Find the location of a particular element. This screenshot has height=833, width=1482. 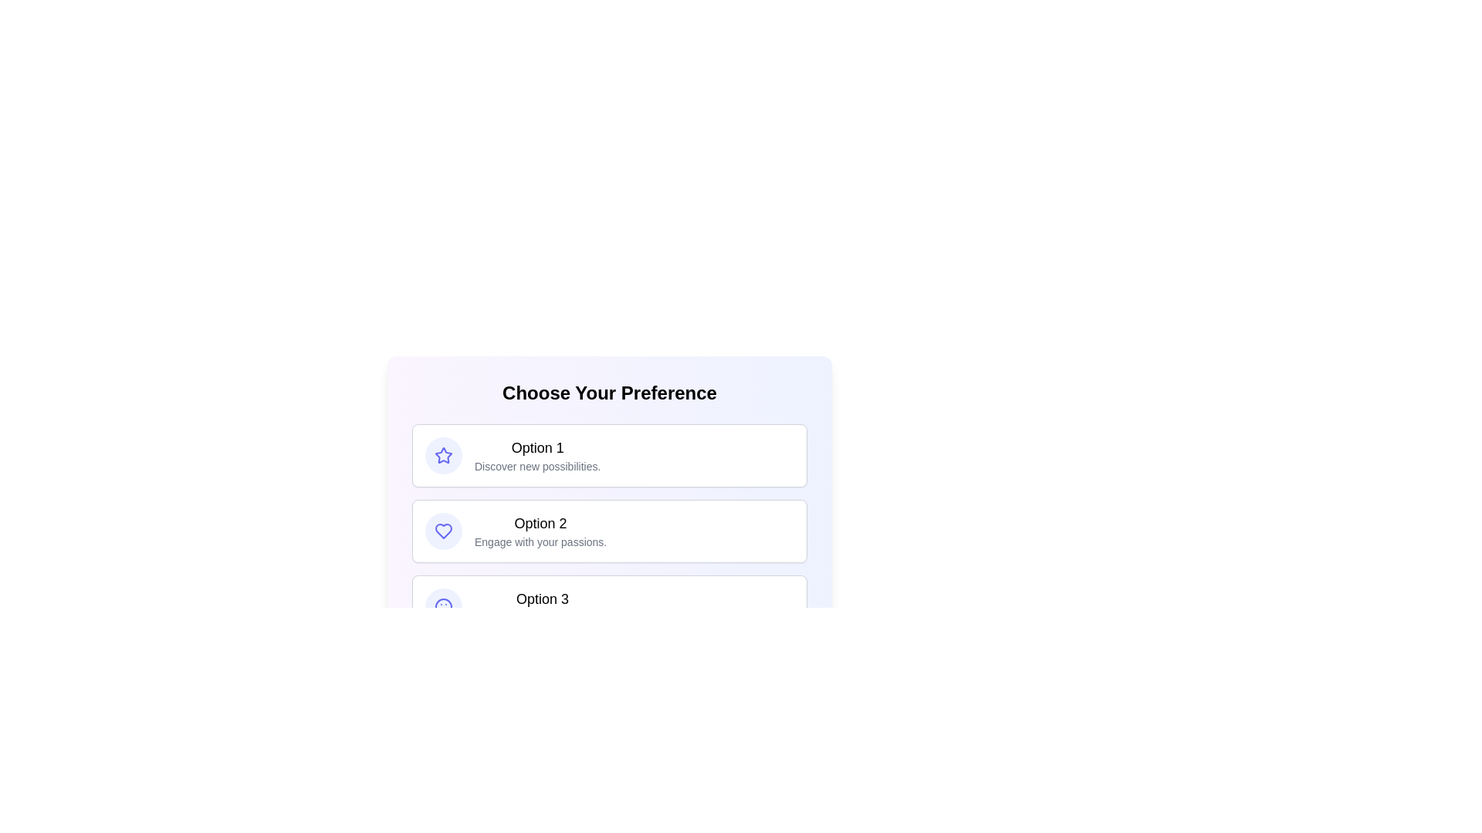

the 'Option 2' button that features bold text and a purple heart motif is located at coordinates (609, 531).